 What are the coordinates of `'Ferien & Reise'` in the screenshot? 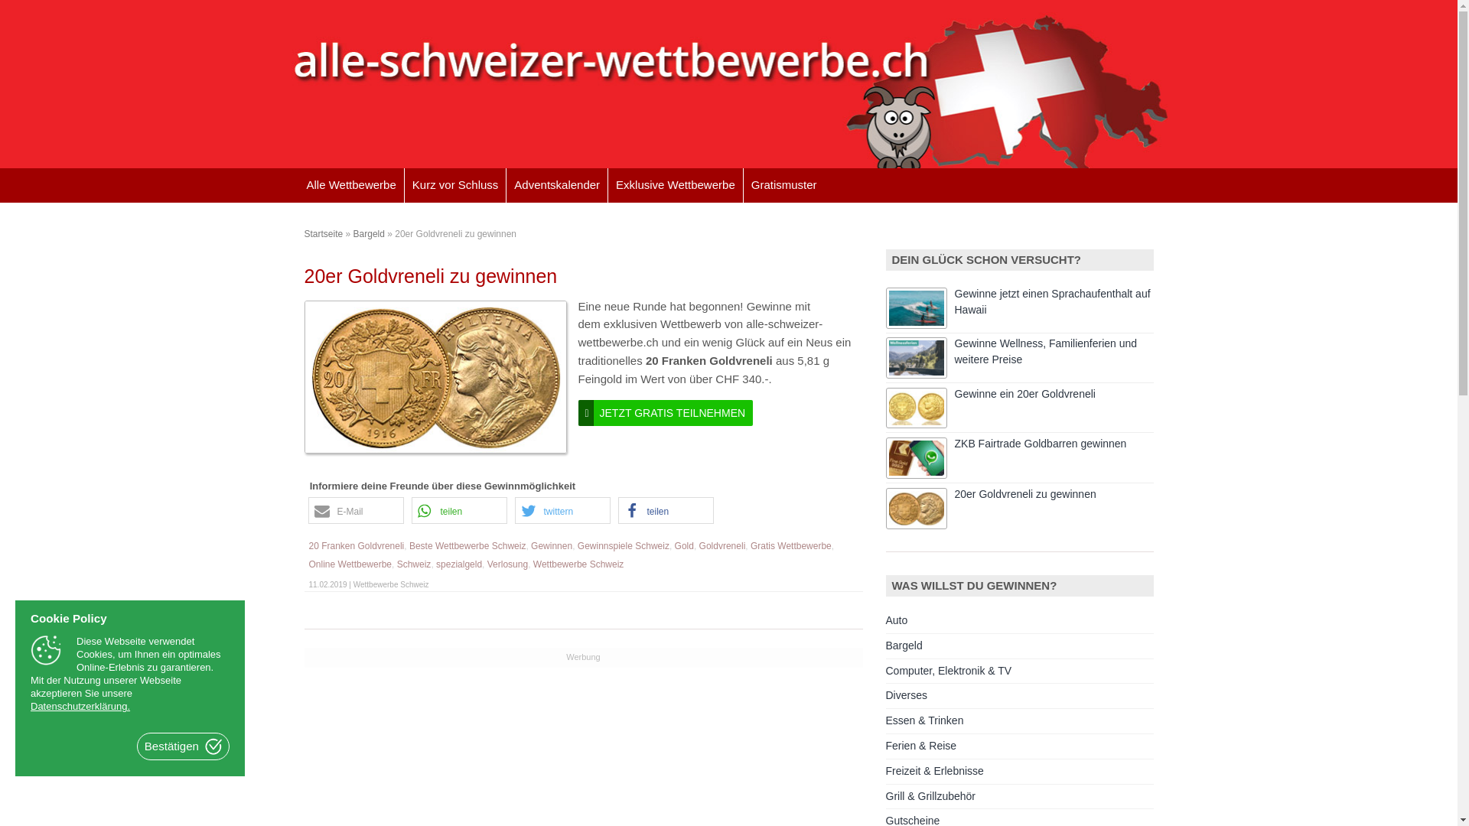 It's located at (920, 745).